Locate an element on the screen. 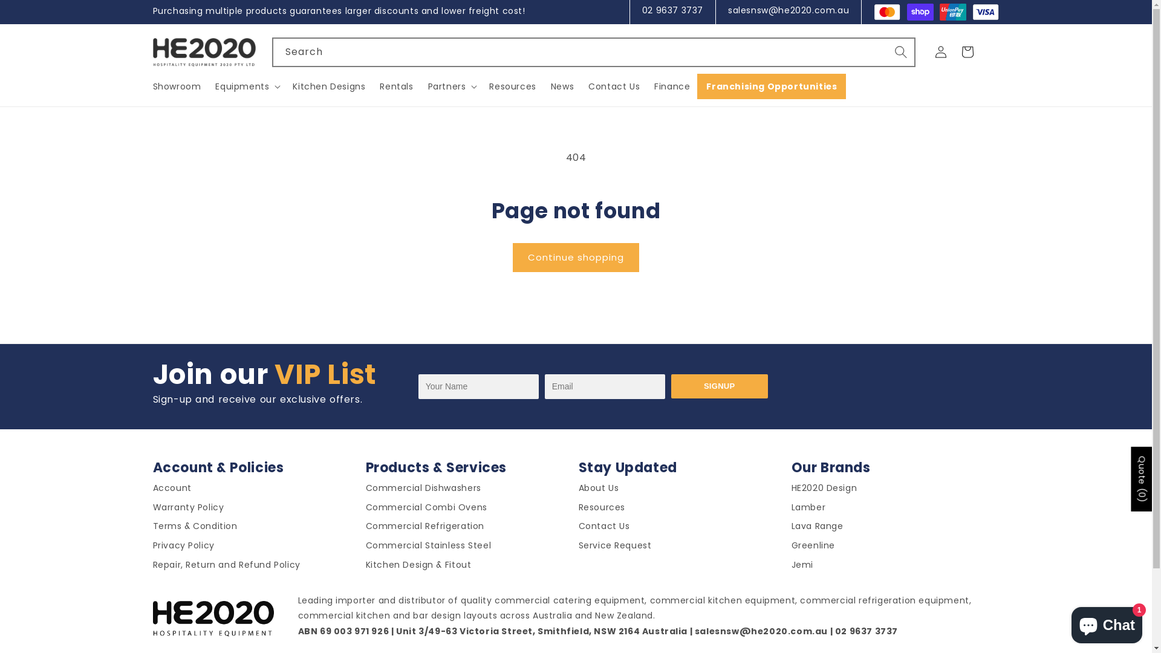  'Lava Range' is located at coordinates (816, 528).